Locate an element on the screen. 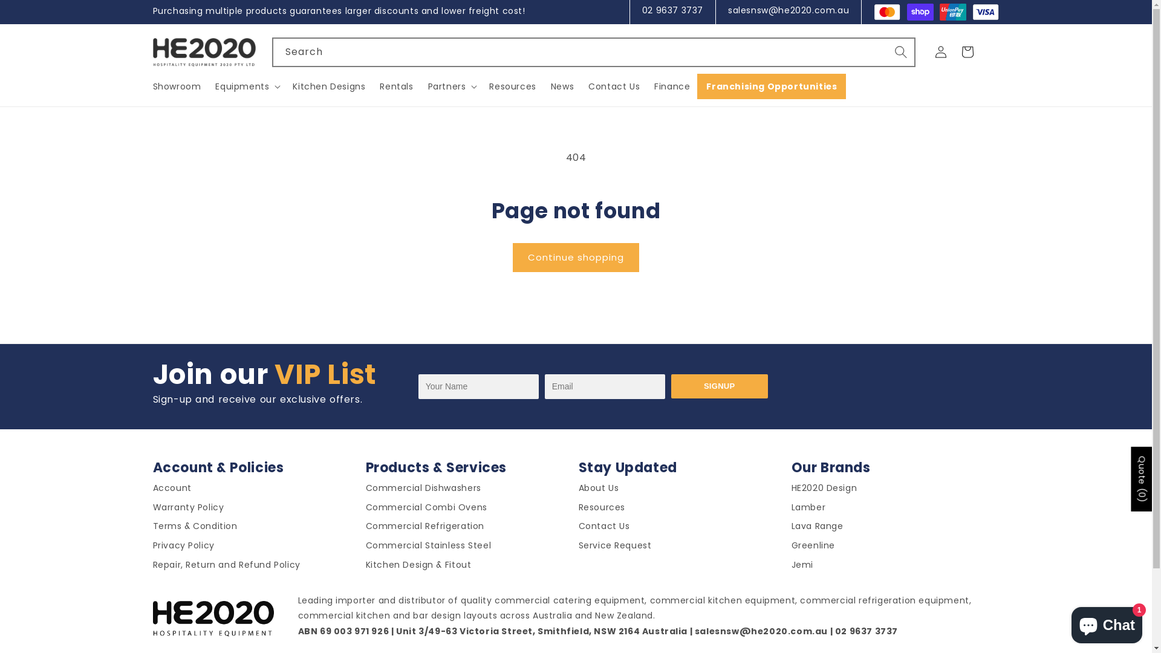  'Lava Range' is located at coordinates (816, 528).